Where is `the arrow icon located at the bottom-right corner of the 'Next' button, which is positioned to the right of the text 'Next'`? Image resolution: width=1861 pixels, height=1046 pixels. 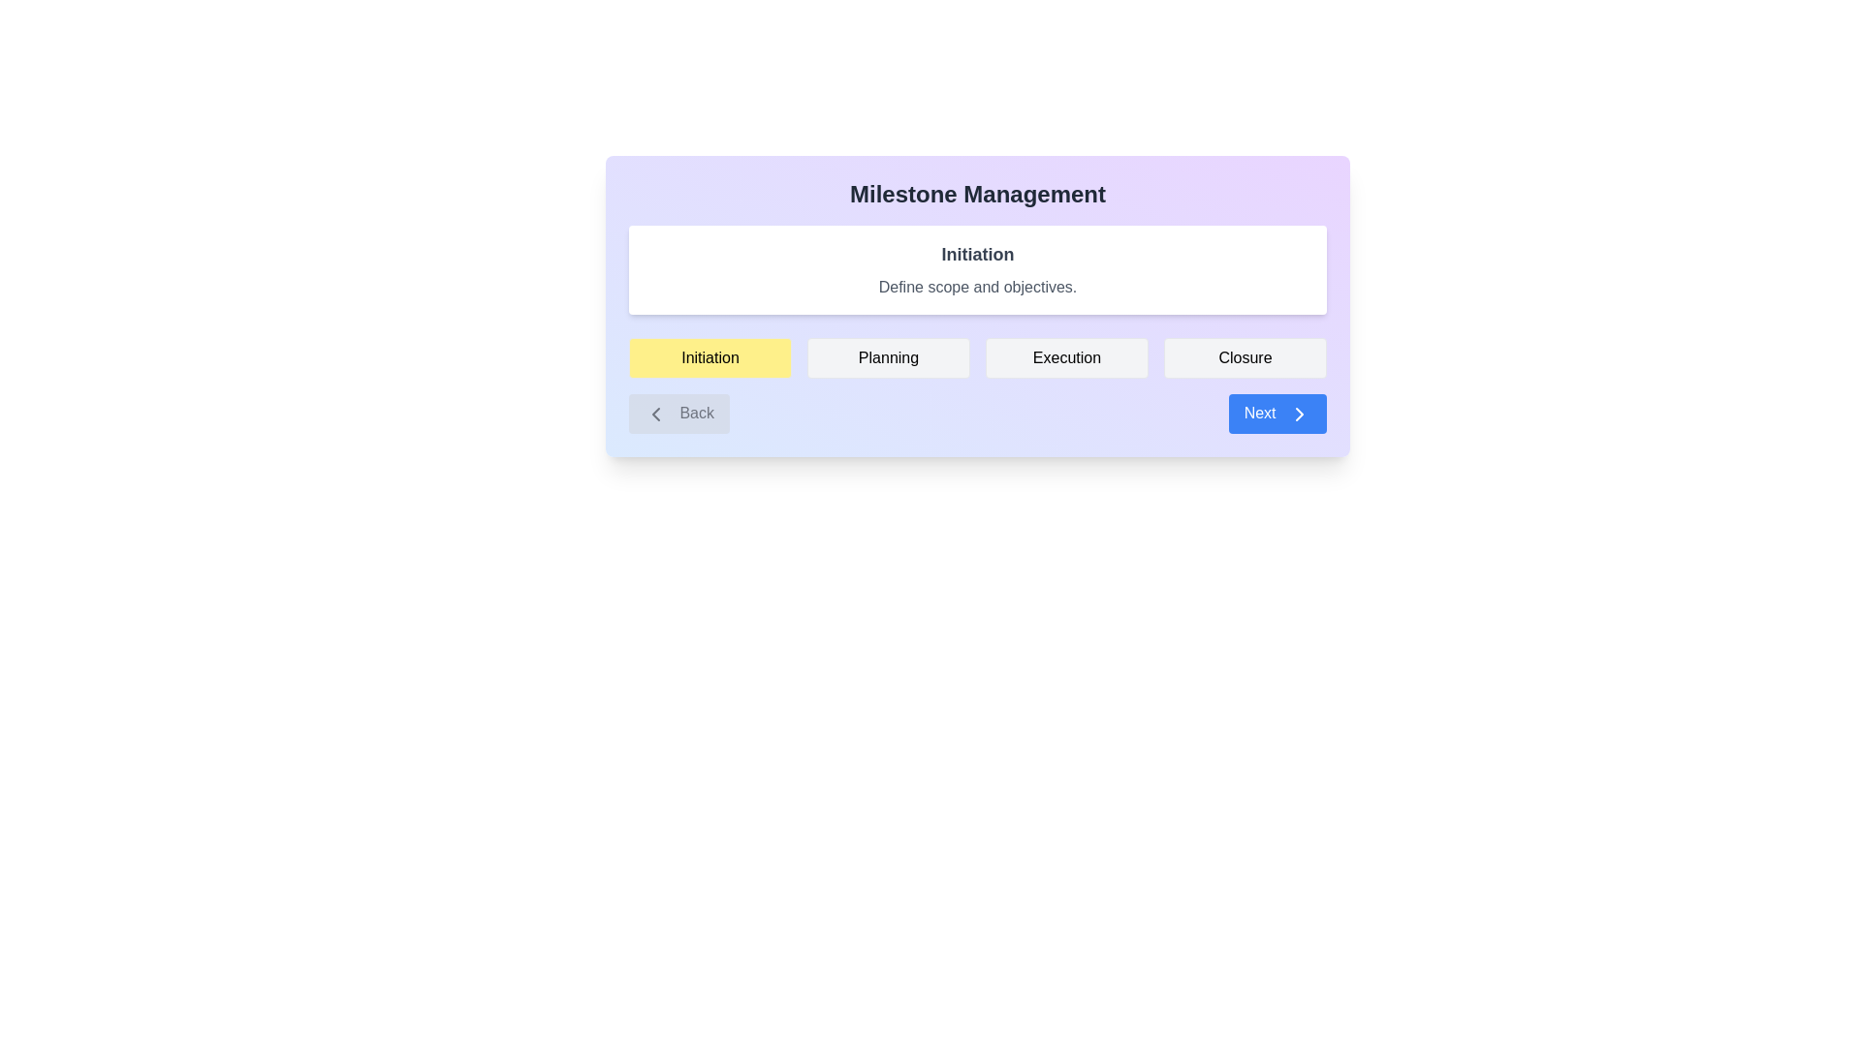
the arrow icon located at the bottom-right corner of the 'Next' button, which is positioned to the right of the text 'Next' is located at coordinates (1299, 413).